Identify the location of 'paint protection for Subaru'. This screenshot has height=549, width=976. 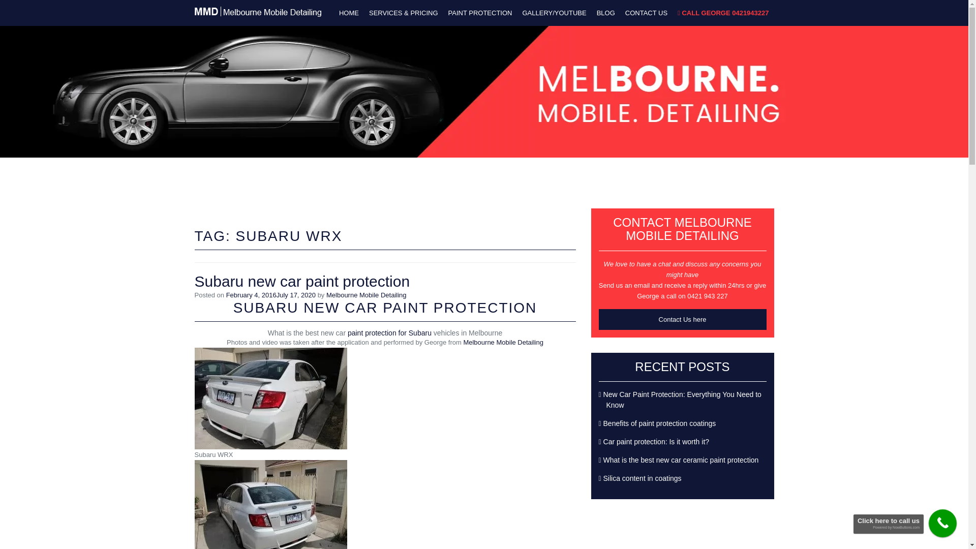
(389, 333).